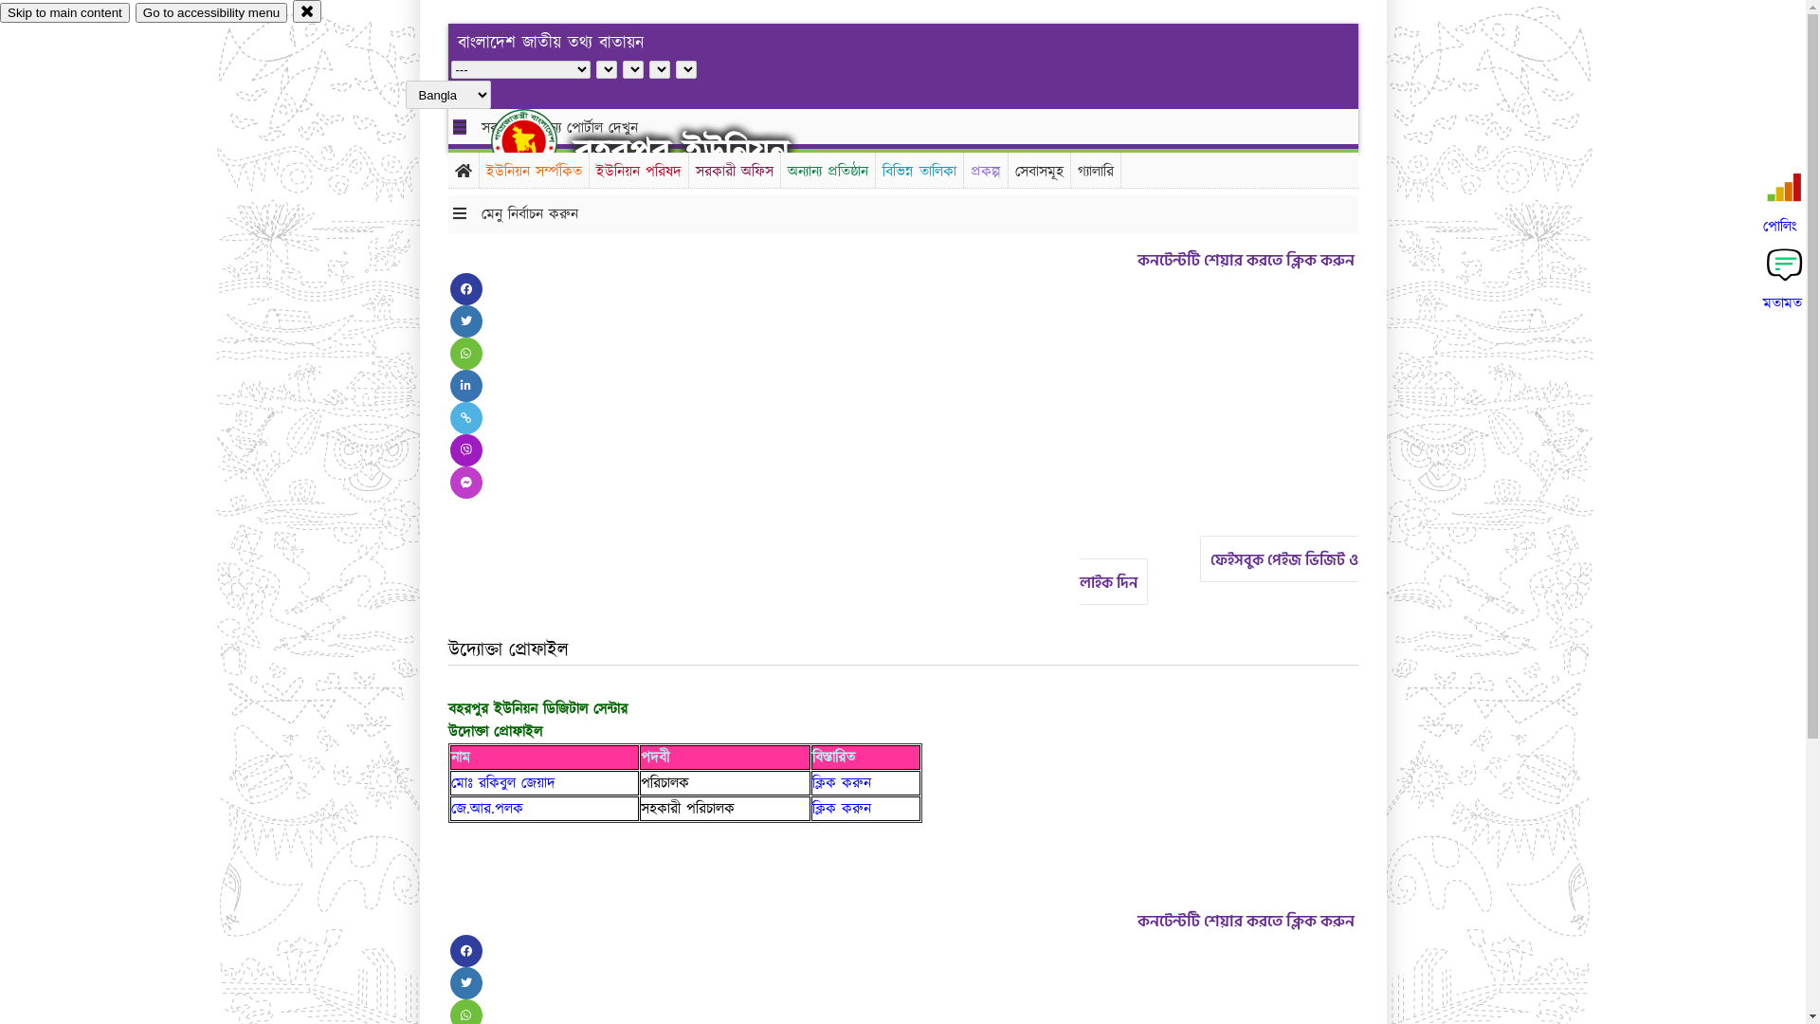  I want to click on 'Go to accessibility menu', so click(210, 12).